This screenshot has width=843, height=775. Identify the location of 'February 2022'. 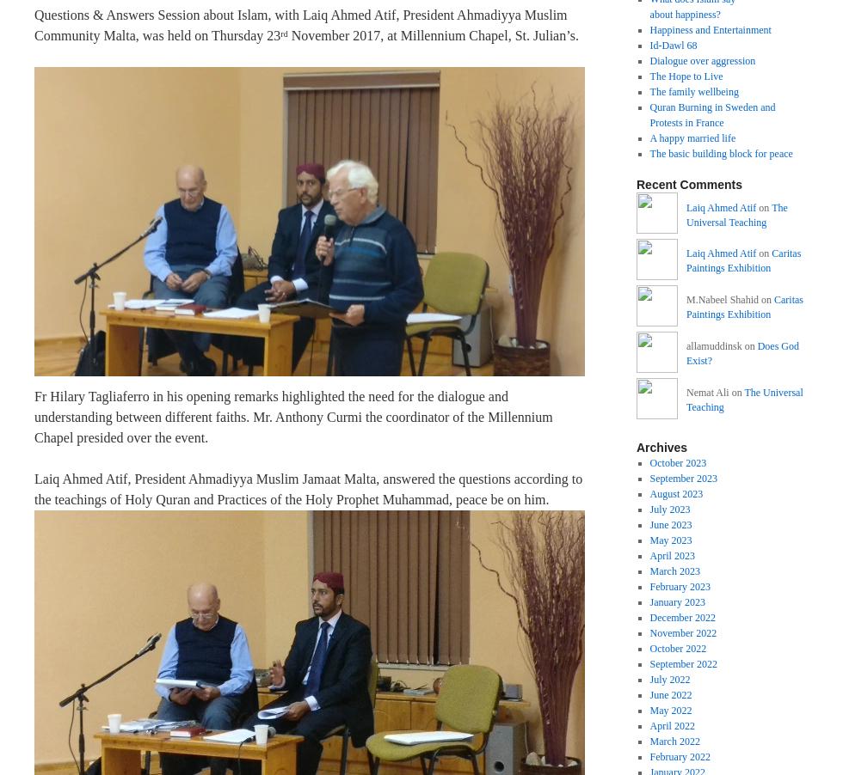
(649, 755).